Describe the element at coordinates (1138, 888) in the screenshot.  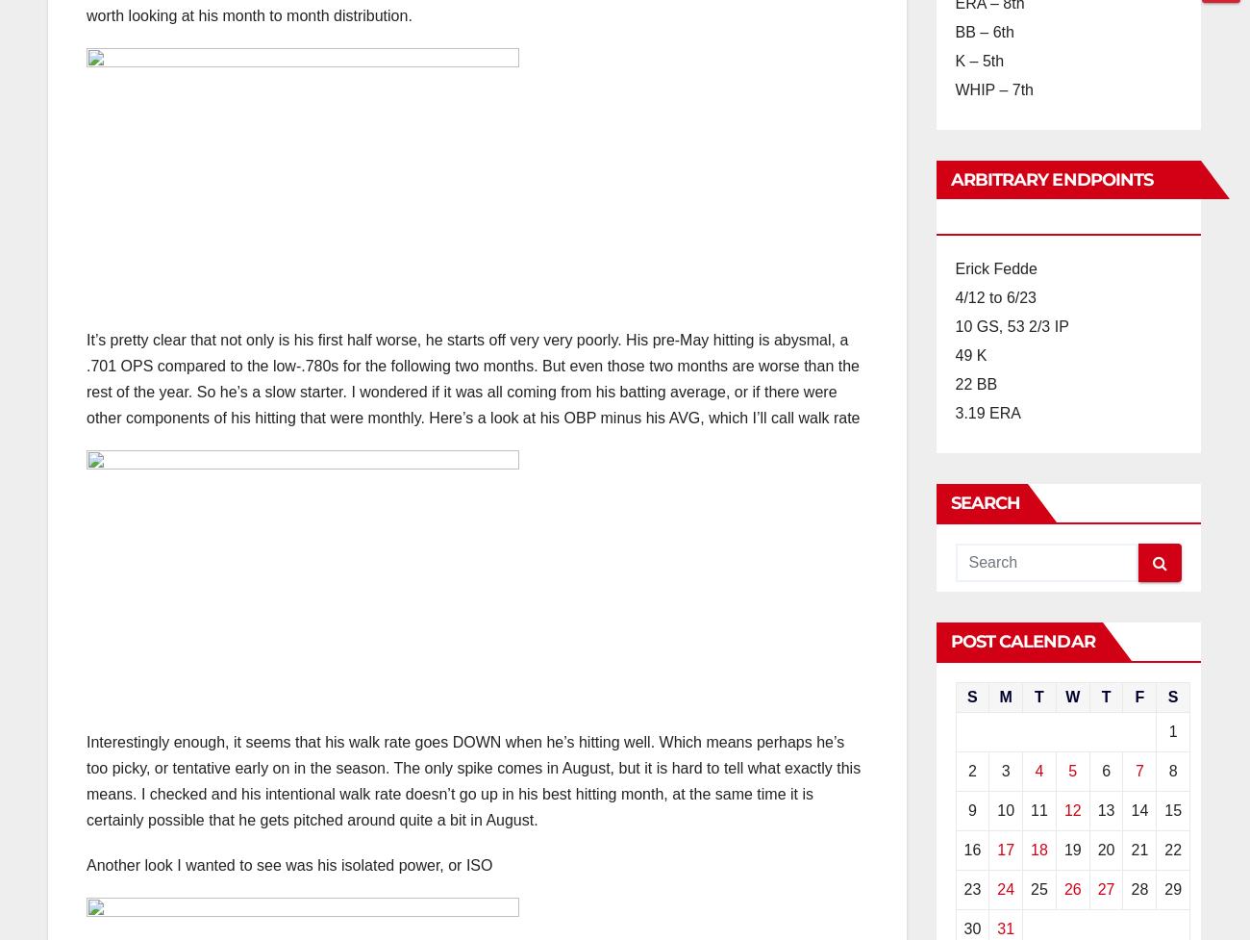
I see `'28'` at that location.